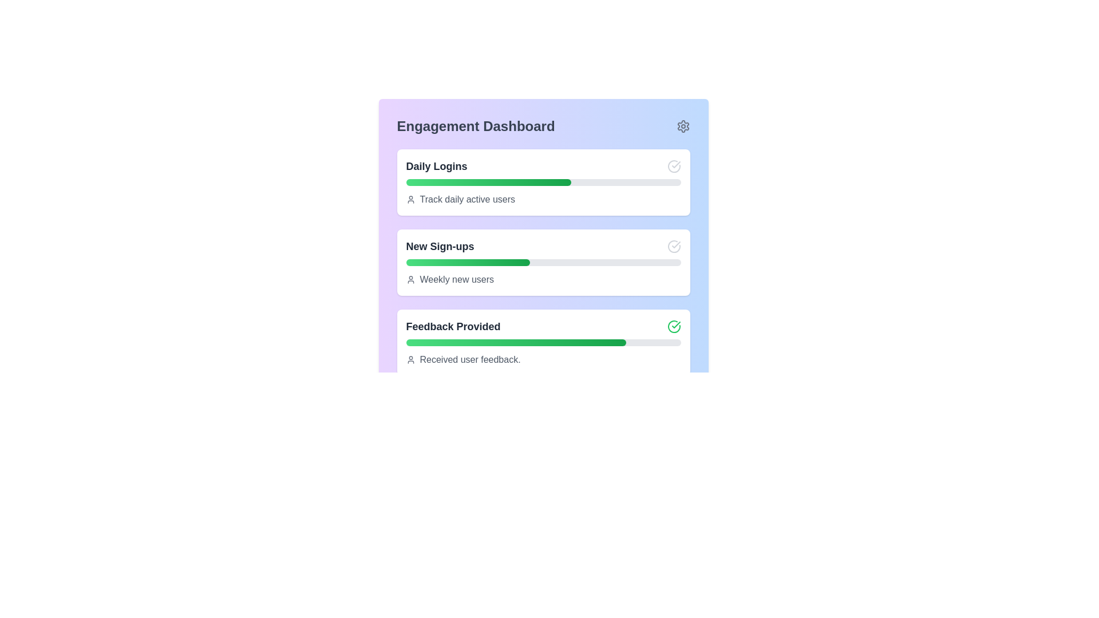 Image resolution: width=1099 pixels, height=618 pixels. What do you see at coordinates (543, 126) in the screenshot?
I see `the header of the dashboard, which includes an interactive gear icon on the right side` at bounding box center [543, 126].